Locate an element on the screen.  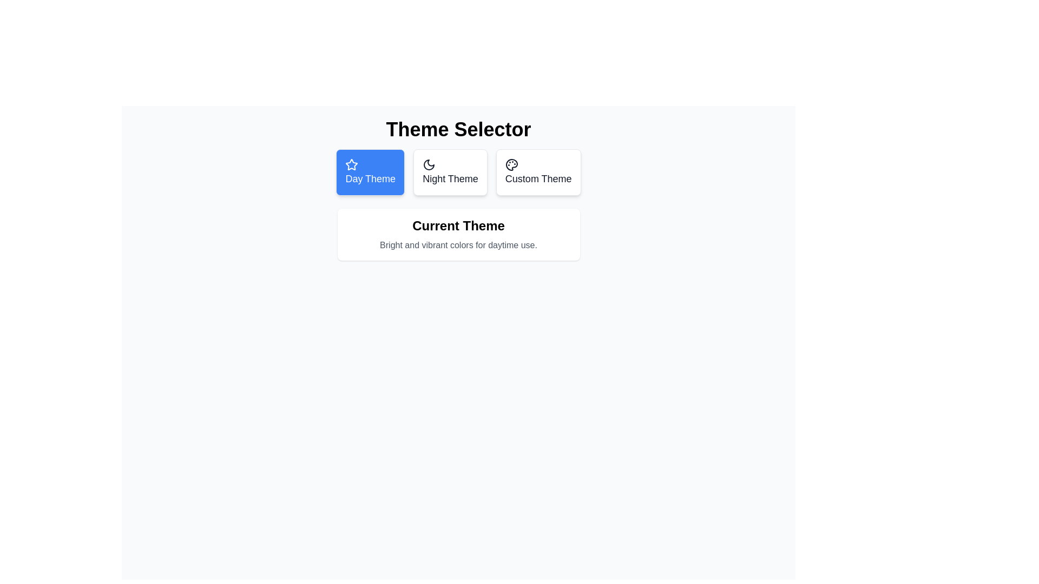
the theme button Custom Theme to observe its hover effect is located at coordinates (538, 172).